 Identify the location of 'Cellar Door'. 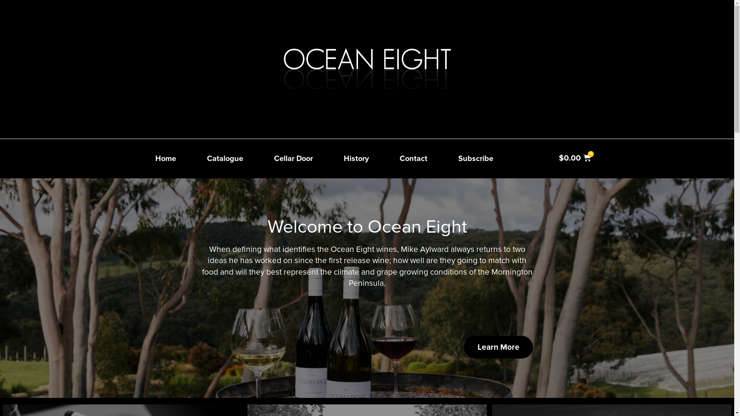
(293, 158).